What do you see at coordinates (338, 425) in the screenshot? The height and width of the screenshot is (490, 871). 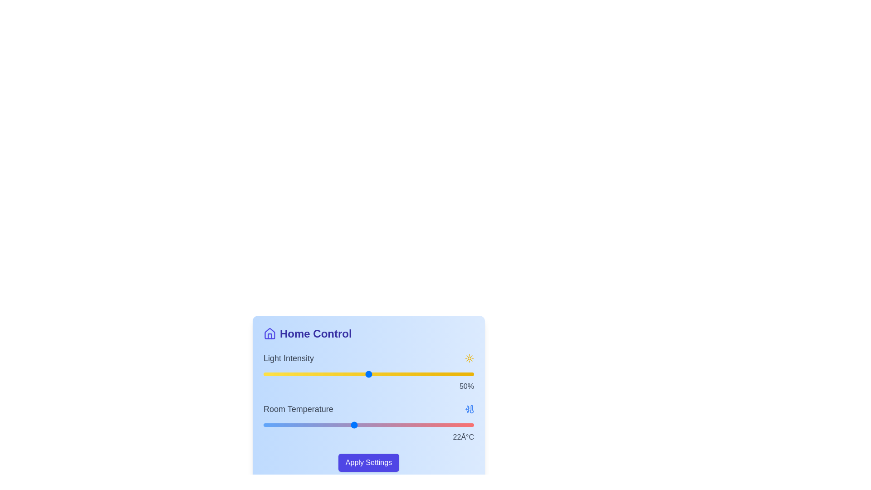 I see `the room temperature slider to 21 degrees Celsius` at bounding box center [338, 425].